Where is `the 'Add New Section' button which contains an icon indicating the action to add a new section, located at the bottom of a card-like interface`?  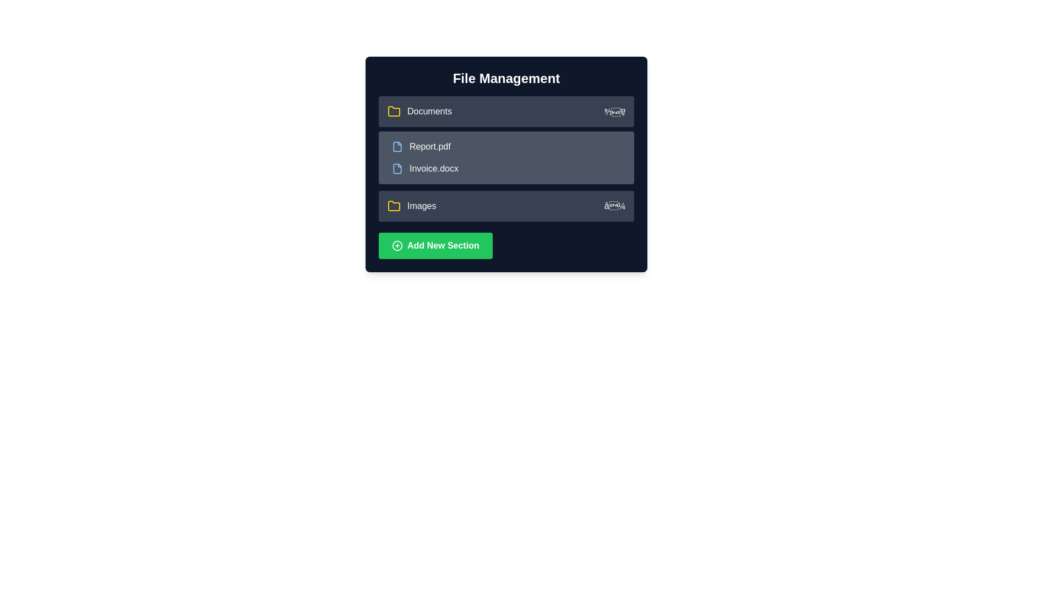 the 'Add New Section' button which contains an icon indicating the action to add a new section, located at the bottom of a card-like interface is located at coordinates (396, 245).